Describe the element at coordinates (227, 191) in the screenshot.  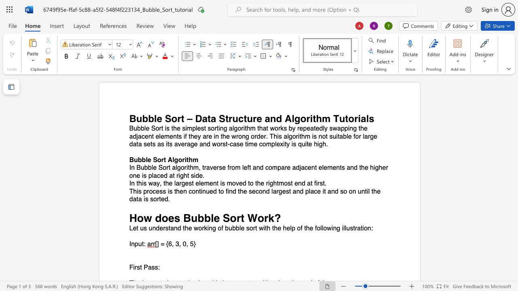
I see `the 1th character "f" in the text` at that location.